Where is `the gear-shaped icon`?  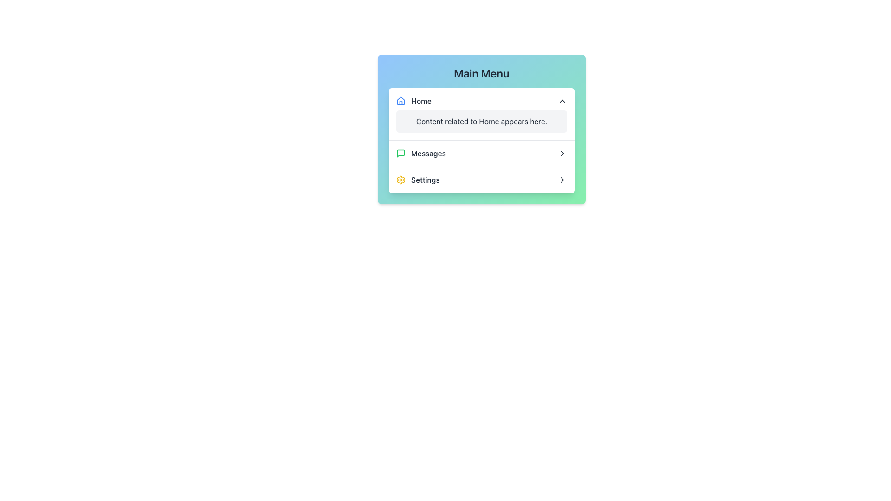
the gear-shaped icon is located at coordinates (401, 180).